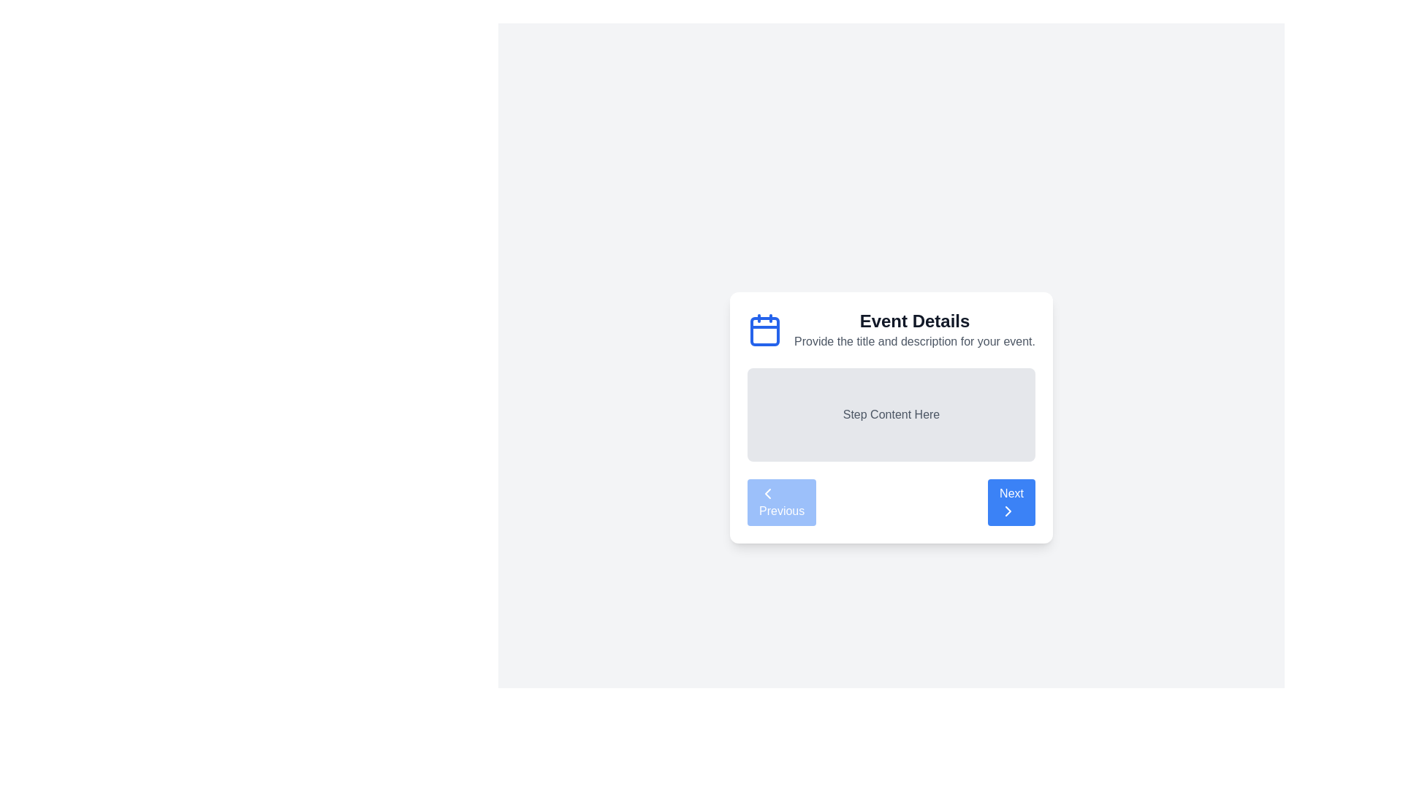 The width and height of the screenshot is (1403, 789). Describe the element at coordinates (781, 501) in the screenshot. I see `the first button from the left in the horizontal button group at the bottom of the centered panel` at that location.